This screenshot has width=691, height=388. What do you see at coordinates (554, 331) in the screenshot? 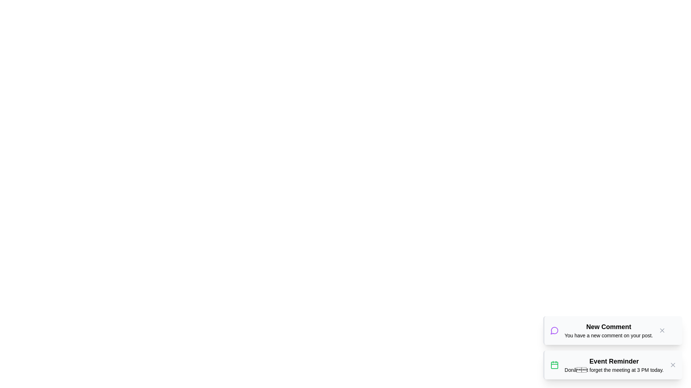
I see `the notification icon to interact with it` at bounding box center [554, 331].